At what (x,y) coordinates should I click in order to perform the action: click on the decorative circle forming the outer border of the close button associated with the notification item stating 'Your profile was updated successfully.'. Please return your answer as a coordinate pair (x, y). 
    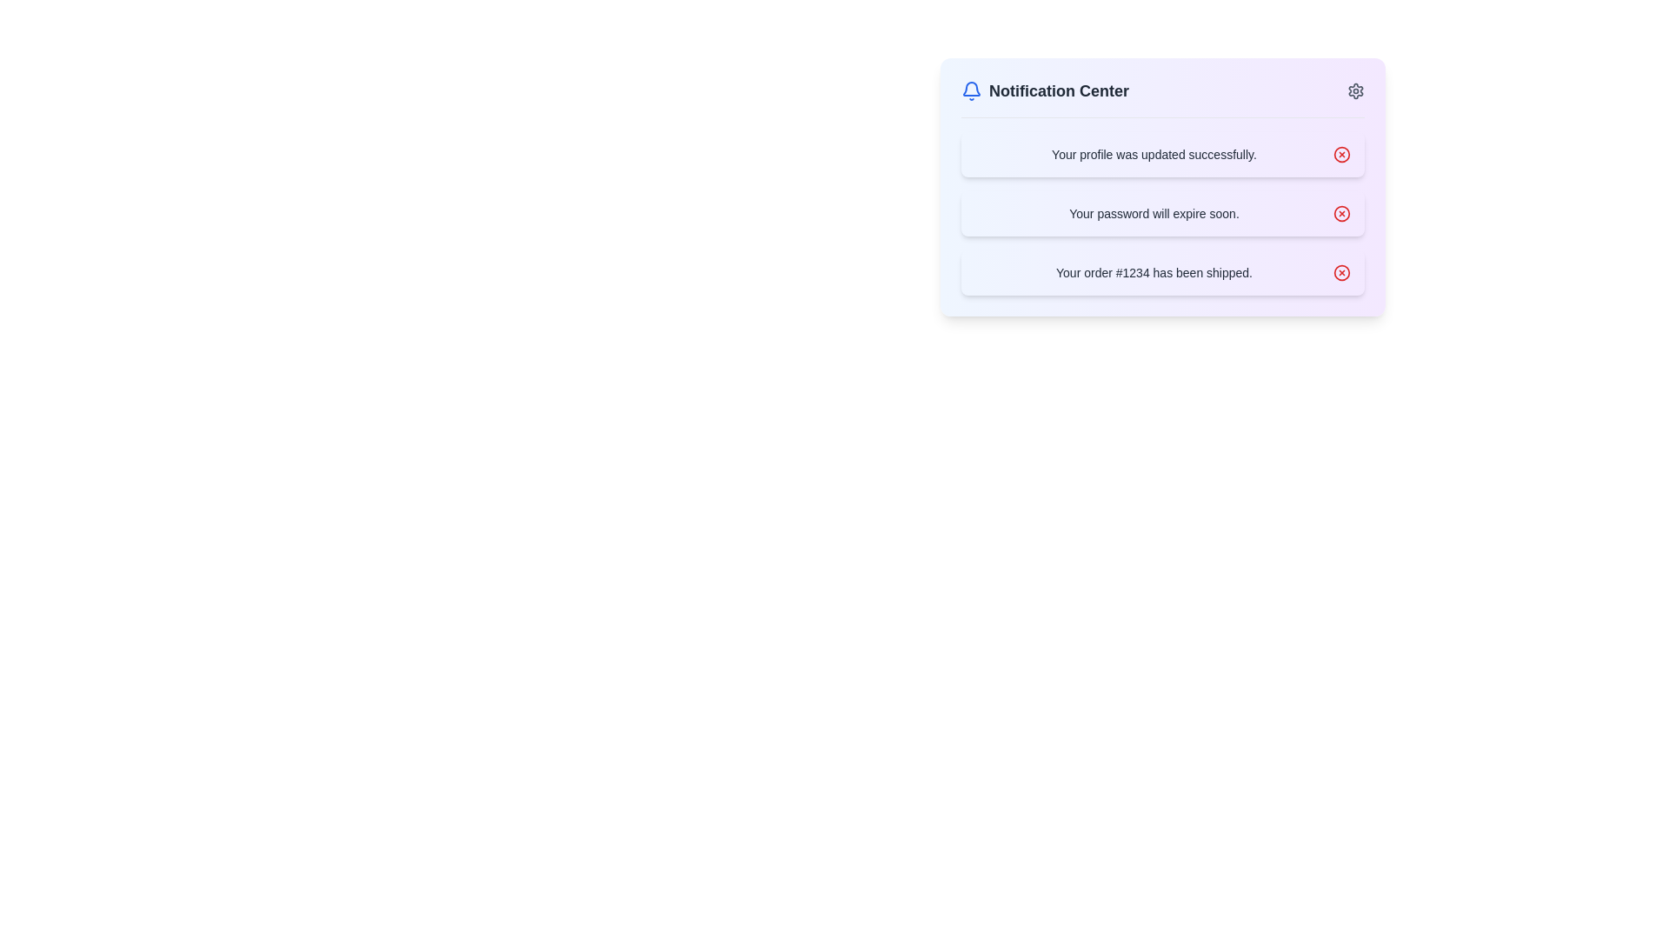
    Looking at the image, I should click on (1341, 153).